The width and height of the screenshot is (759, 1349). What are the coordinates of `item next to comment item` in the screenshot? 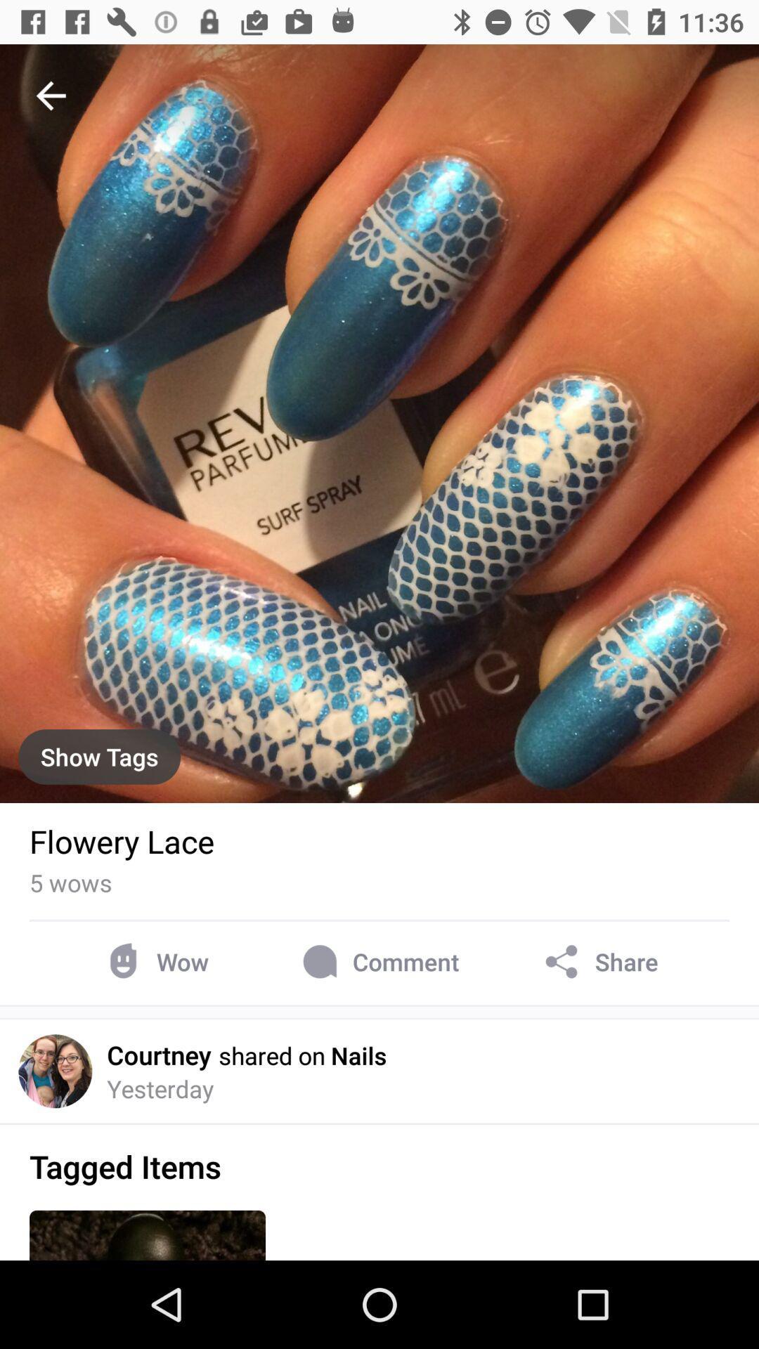 It's located at (599, 961).